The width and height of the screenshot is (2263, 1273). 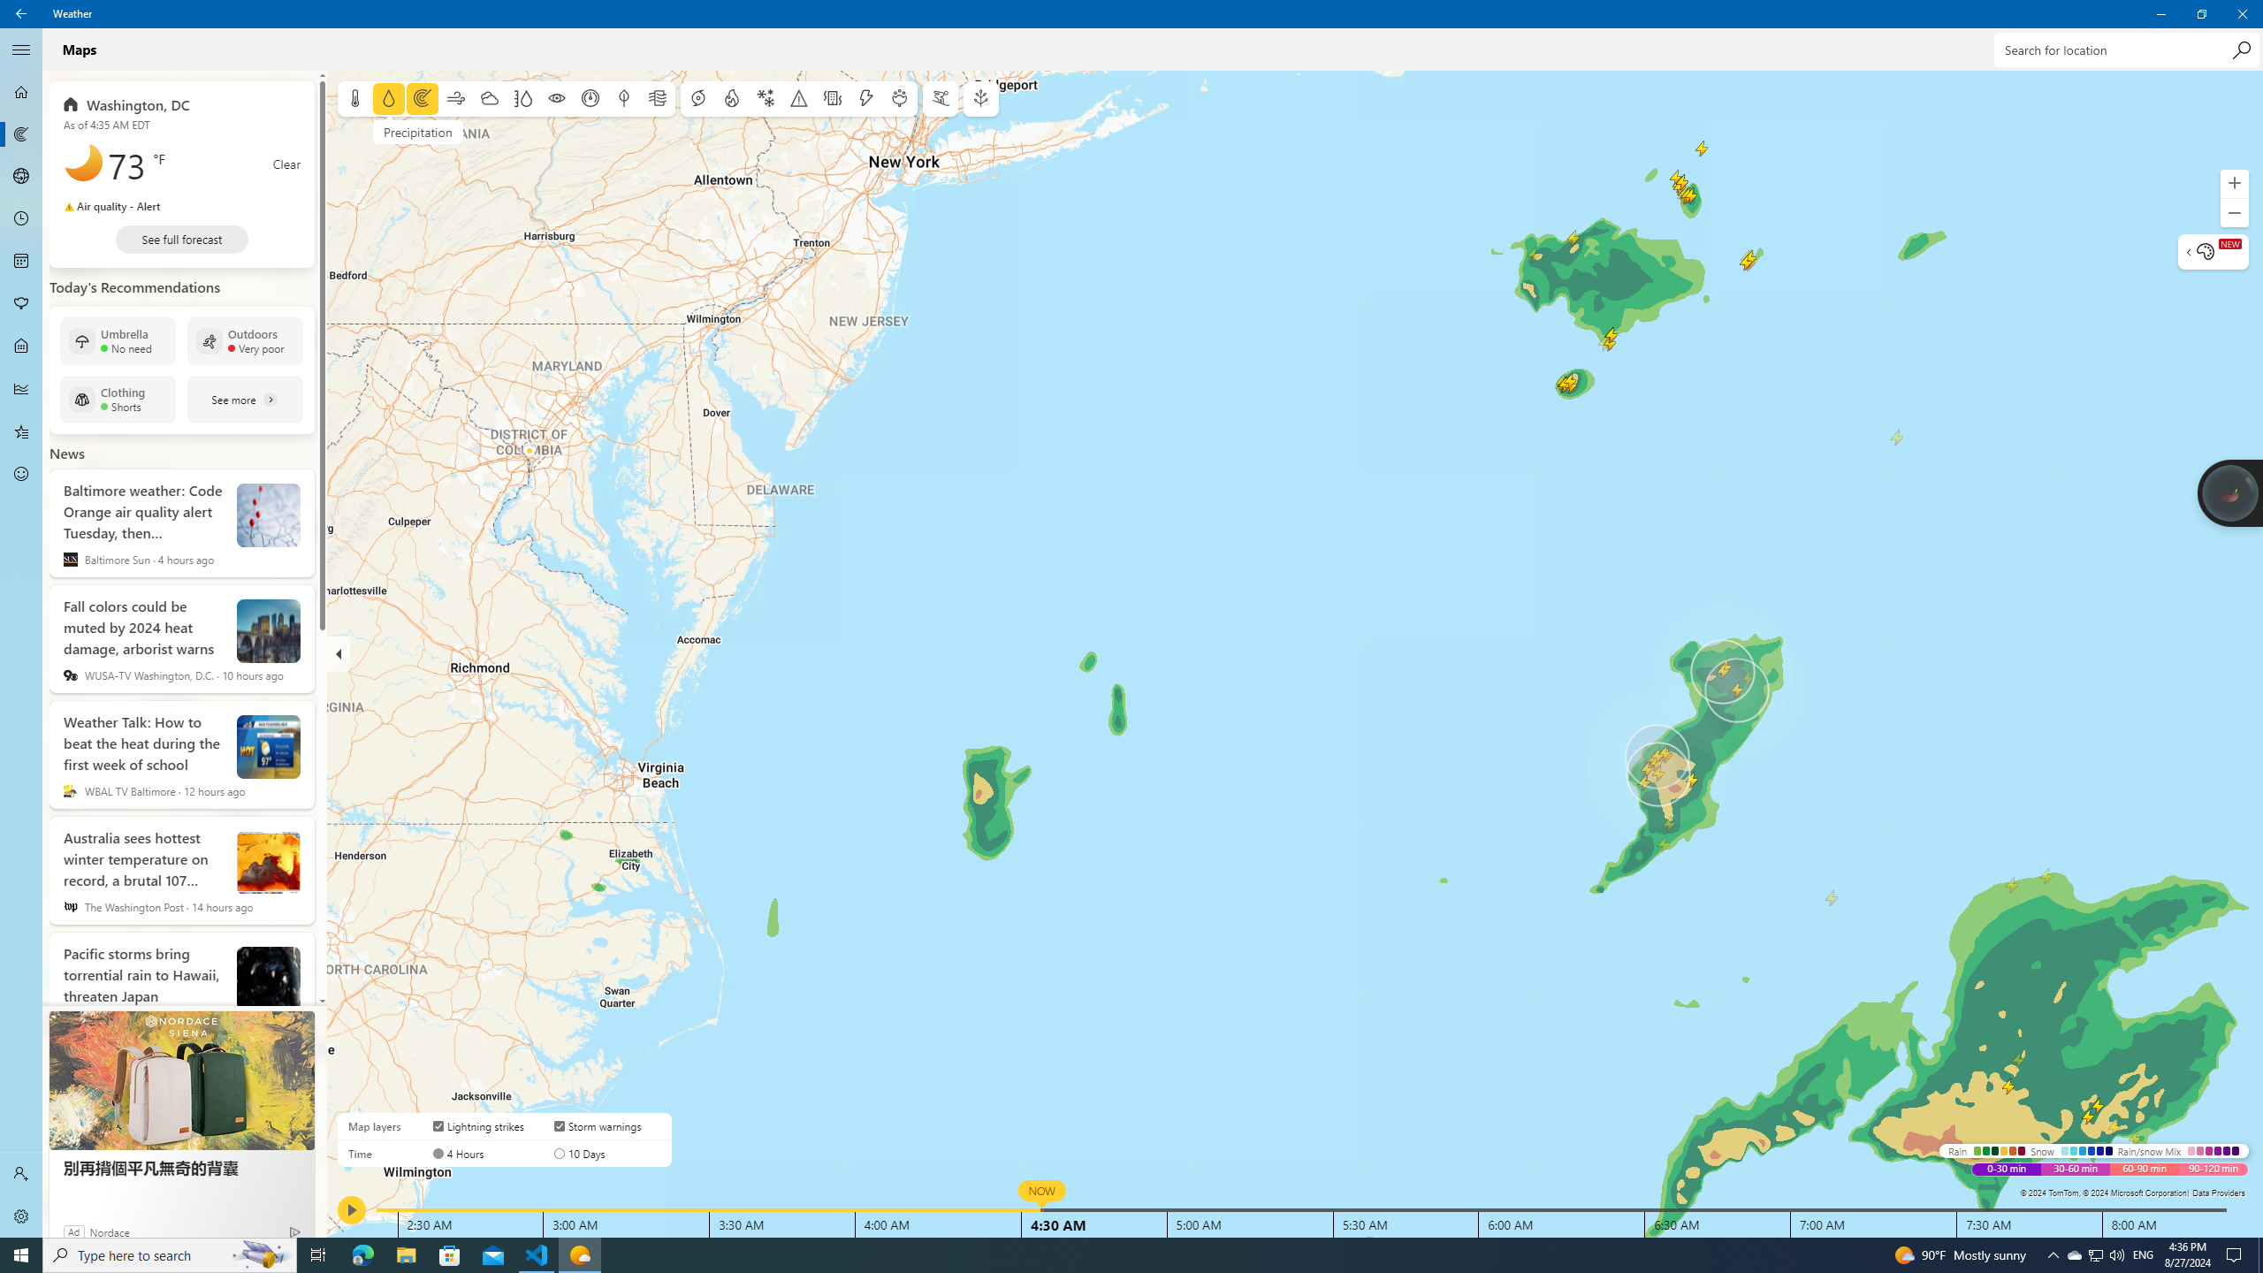 I want to click on 'Forecast - Not Selected', so click(x=21, y=91).